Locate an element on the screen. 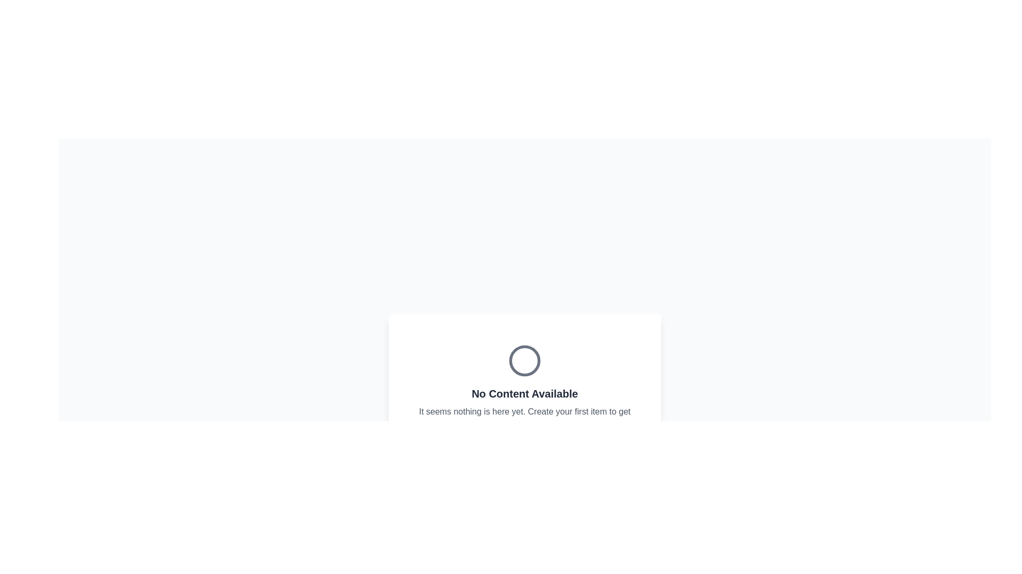 The image size is (1022, 574). the Static Text element that informs the user no content is currently available, located below the 'No Content Available' text is located at coordinates (524, 417).